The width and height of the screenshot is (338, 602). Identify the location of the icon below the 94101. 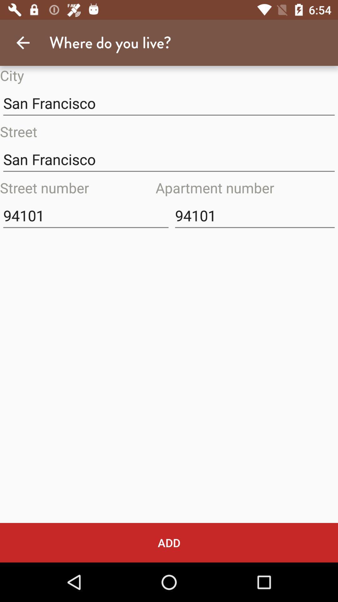
(169, 542).